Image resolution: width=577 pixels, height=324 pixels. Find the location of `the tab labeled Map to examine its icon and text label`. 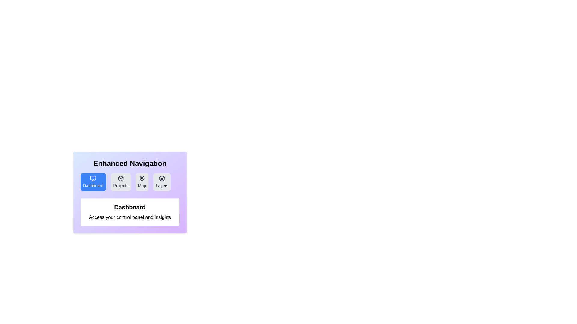

the tab labeled Map to examine its icon and text label is located at coordinates (142, 181).